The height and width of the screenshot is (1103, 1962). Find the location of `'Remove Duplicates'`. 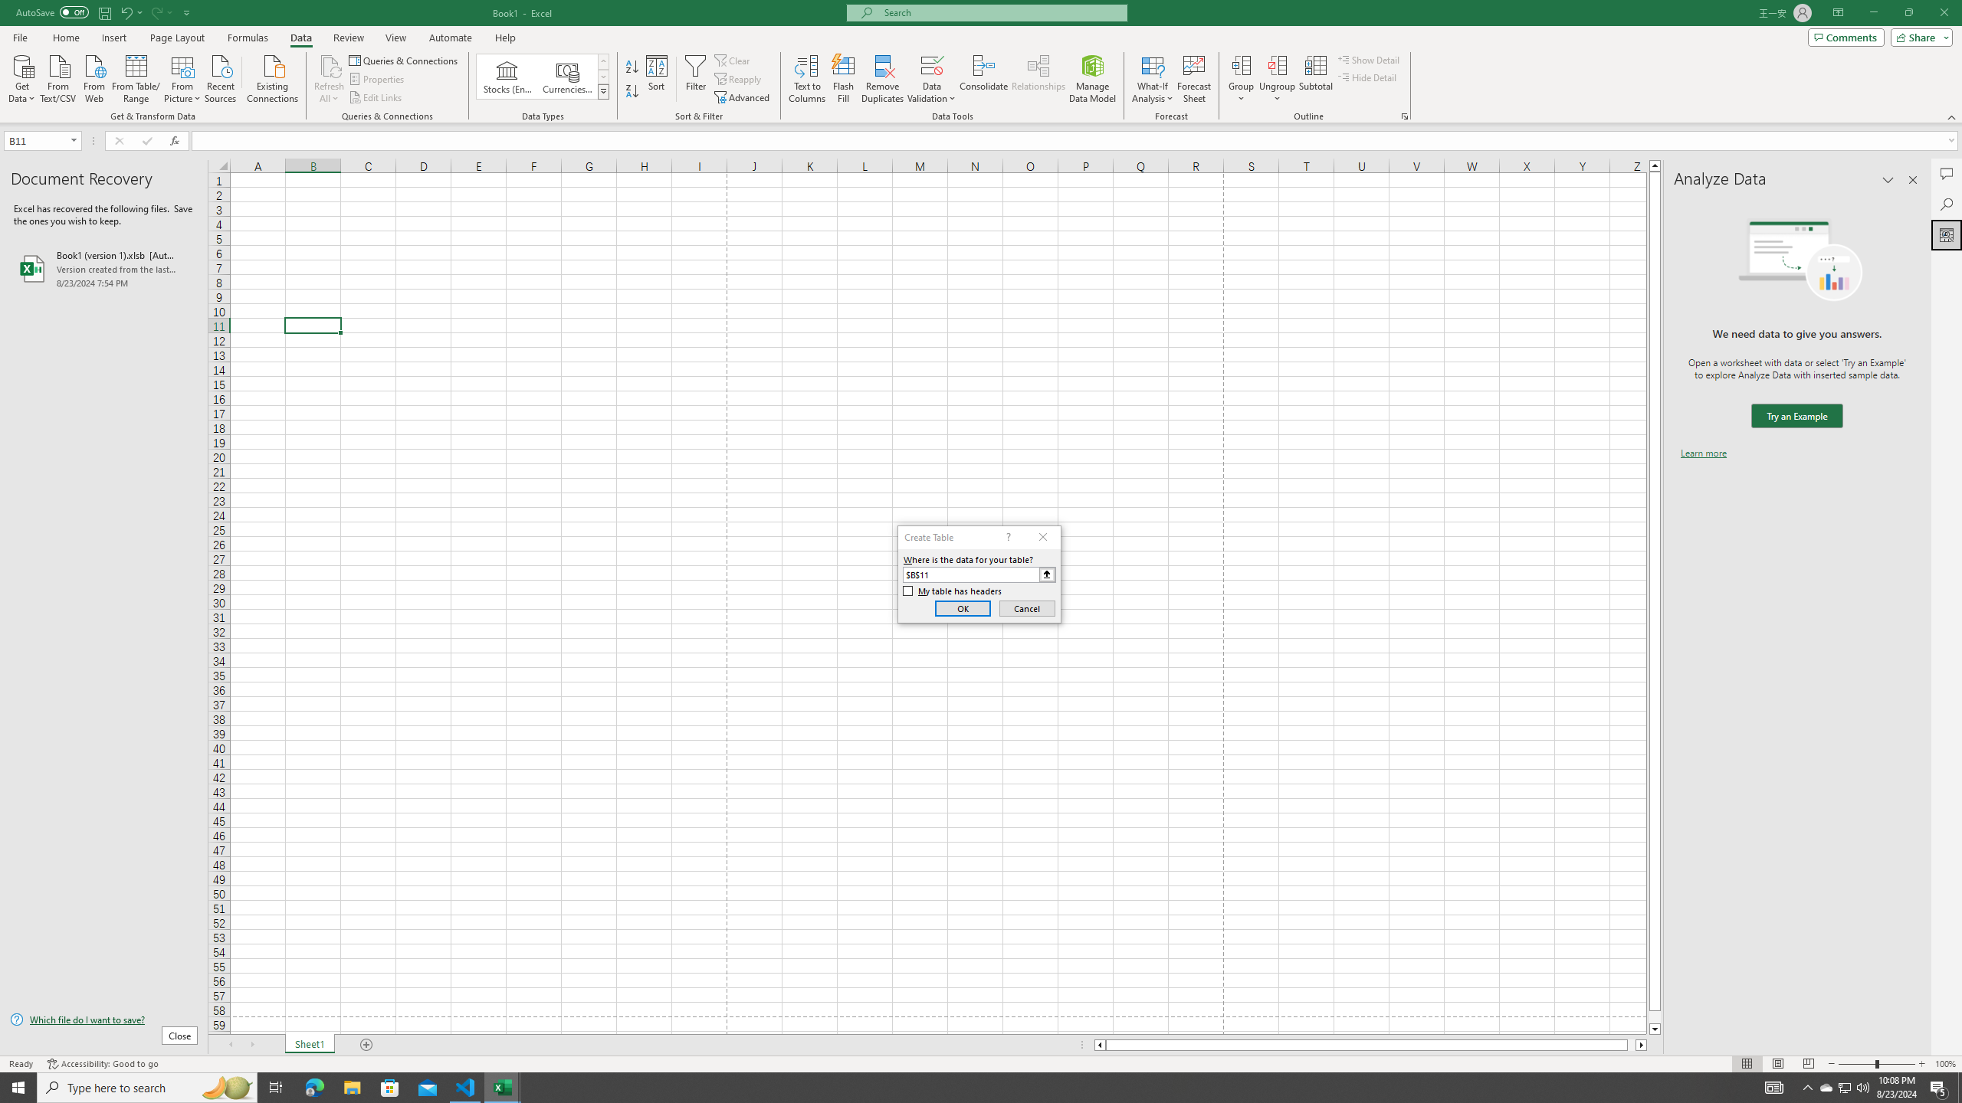

'Remove Duplicates' is located at coordinates (882, 79).